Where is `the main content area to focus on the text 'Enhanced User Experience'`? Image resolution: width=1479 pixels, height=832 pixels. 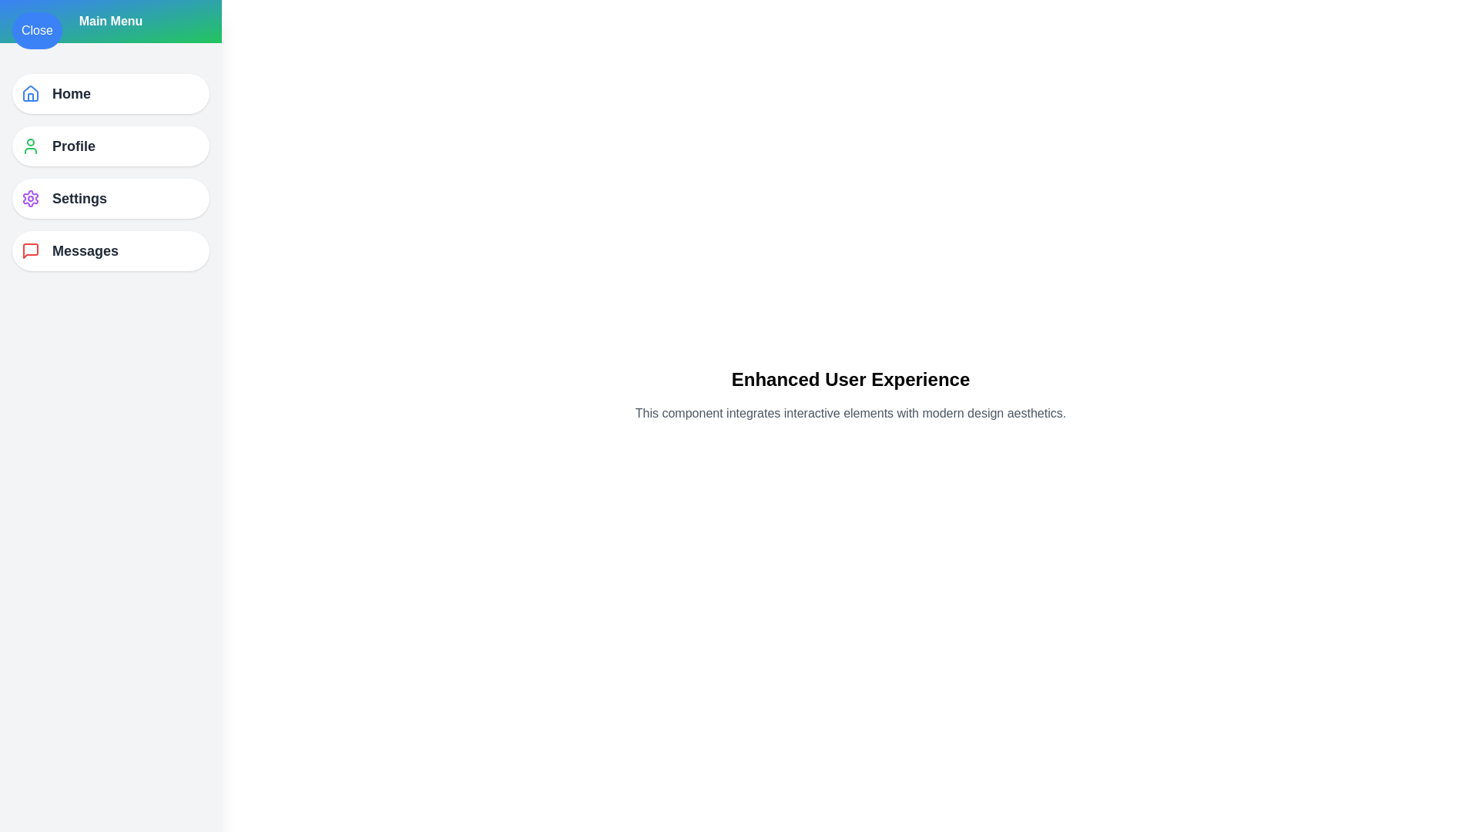
the main content area to focus on the text 'Enhanced User Experience' is located at coordinates (850, 380).